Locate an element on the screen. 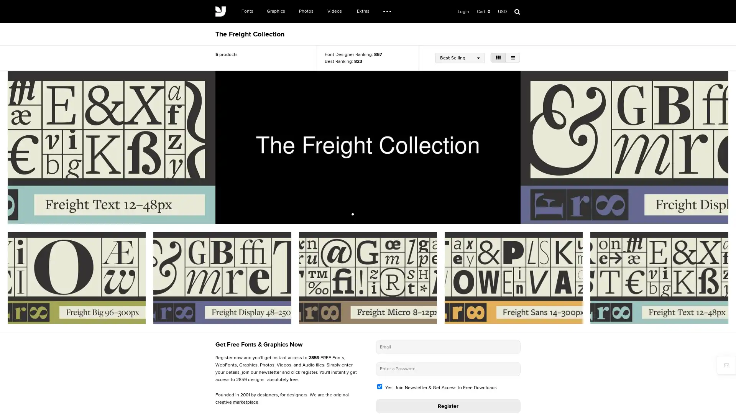 The height and width of the screenshot is (414, 736). Best Selling is located at coordinates (460, 58).